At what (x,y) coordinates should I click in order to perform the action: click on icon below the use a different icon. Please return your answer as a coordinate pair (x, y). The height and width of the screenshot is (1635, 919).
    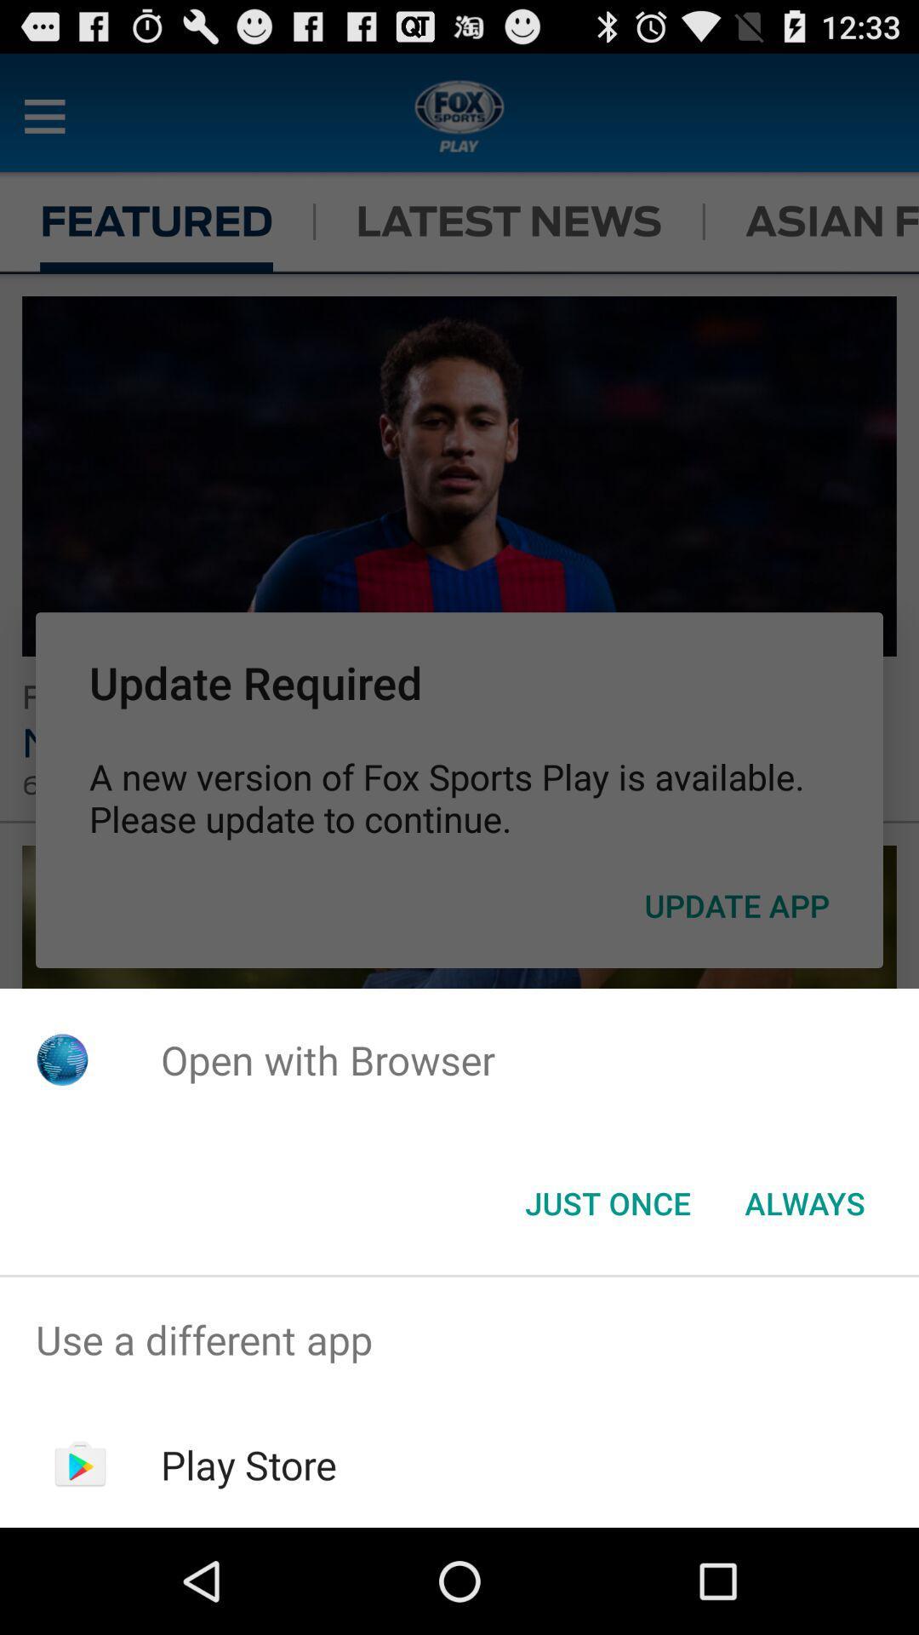
    Looking at the image, I should click on (248, 1464).